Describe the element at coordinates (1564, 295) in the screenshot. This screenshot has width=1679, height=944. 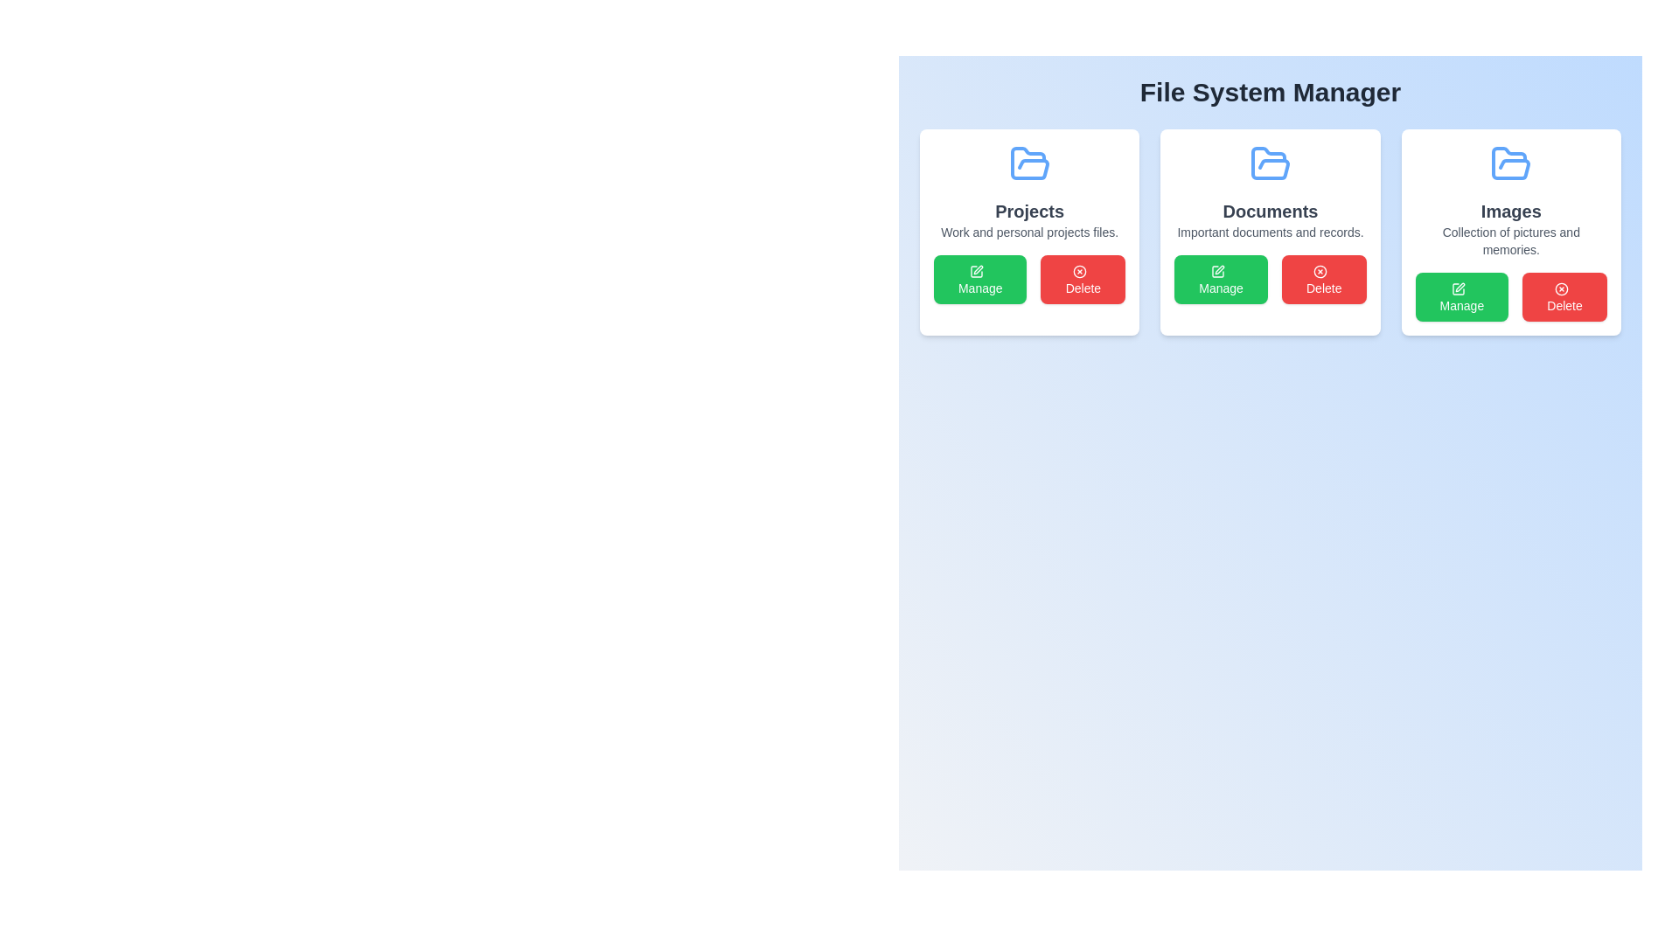
I see `the delete button located to the right of the 'Manage' button below the 'Images' title to observe any interactive effects` at that location.